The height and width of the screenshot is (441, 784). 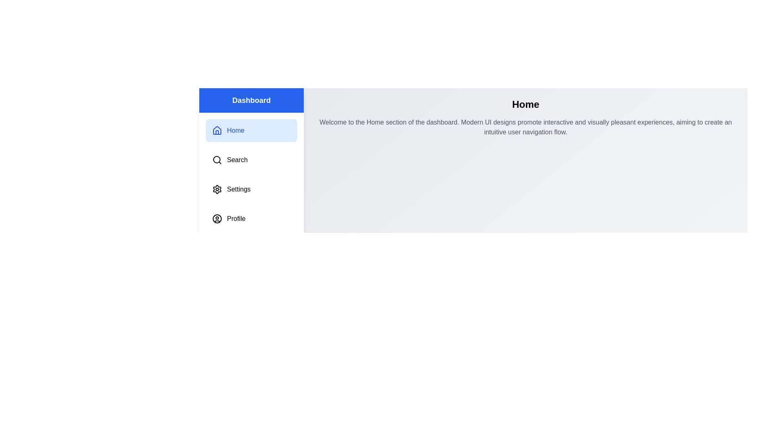 I want to click on the menu item corresponding to Home, so click(x=251, y=130).